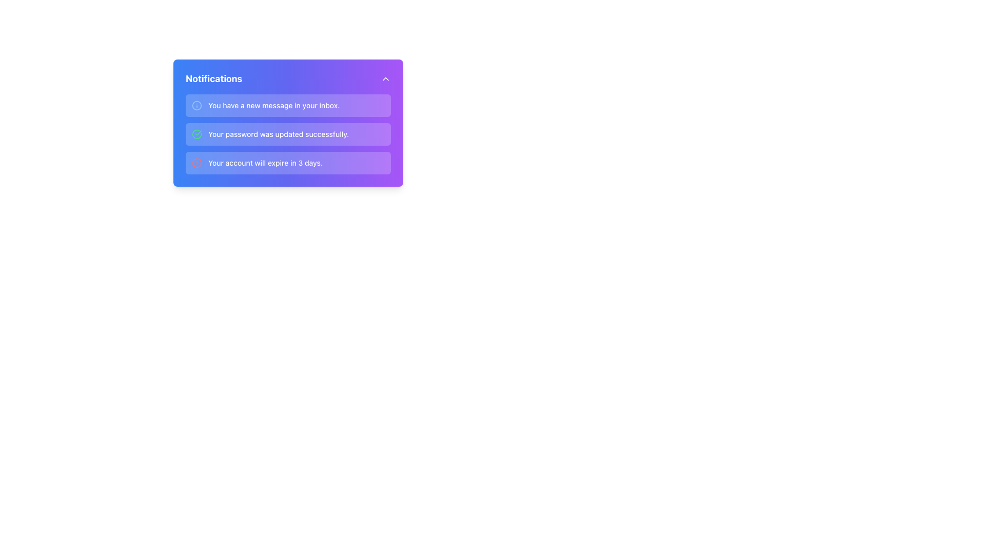 This screenshot has height=554, width=985. What do you see at coordinates (197, 134) in the screenshot?
I see `the circular icon with a green outline and check mark, located next to the text 'Your password was updated successfully' in the second notification entry of the 'Notifications' card` at bounding box center [197, 134].